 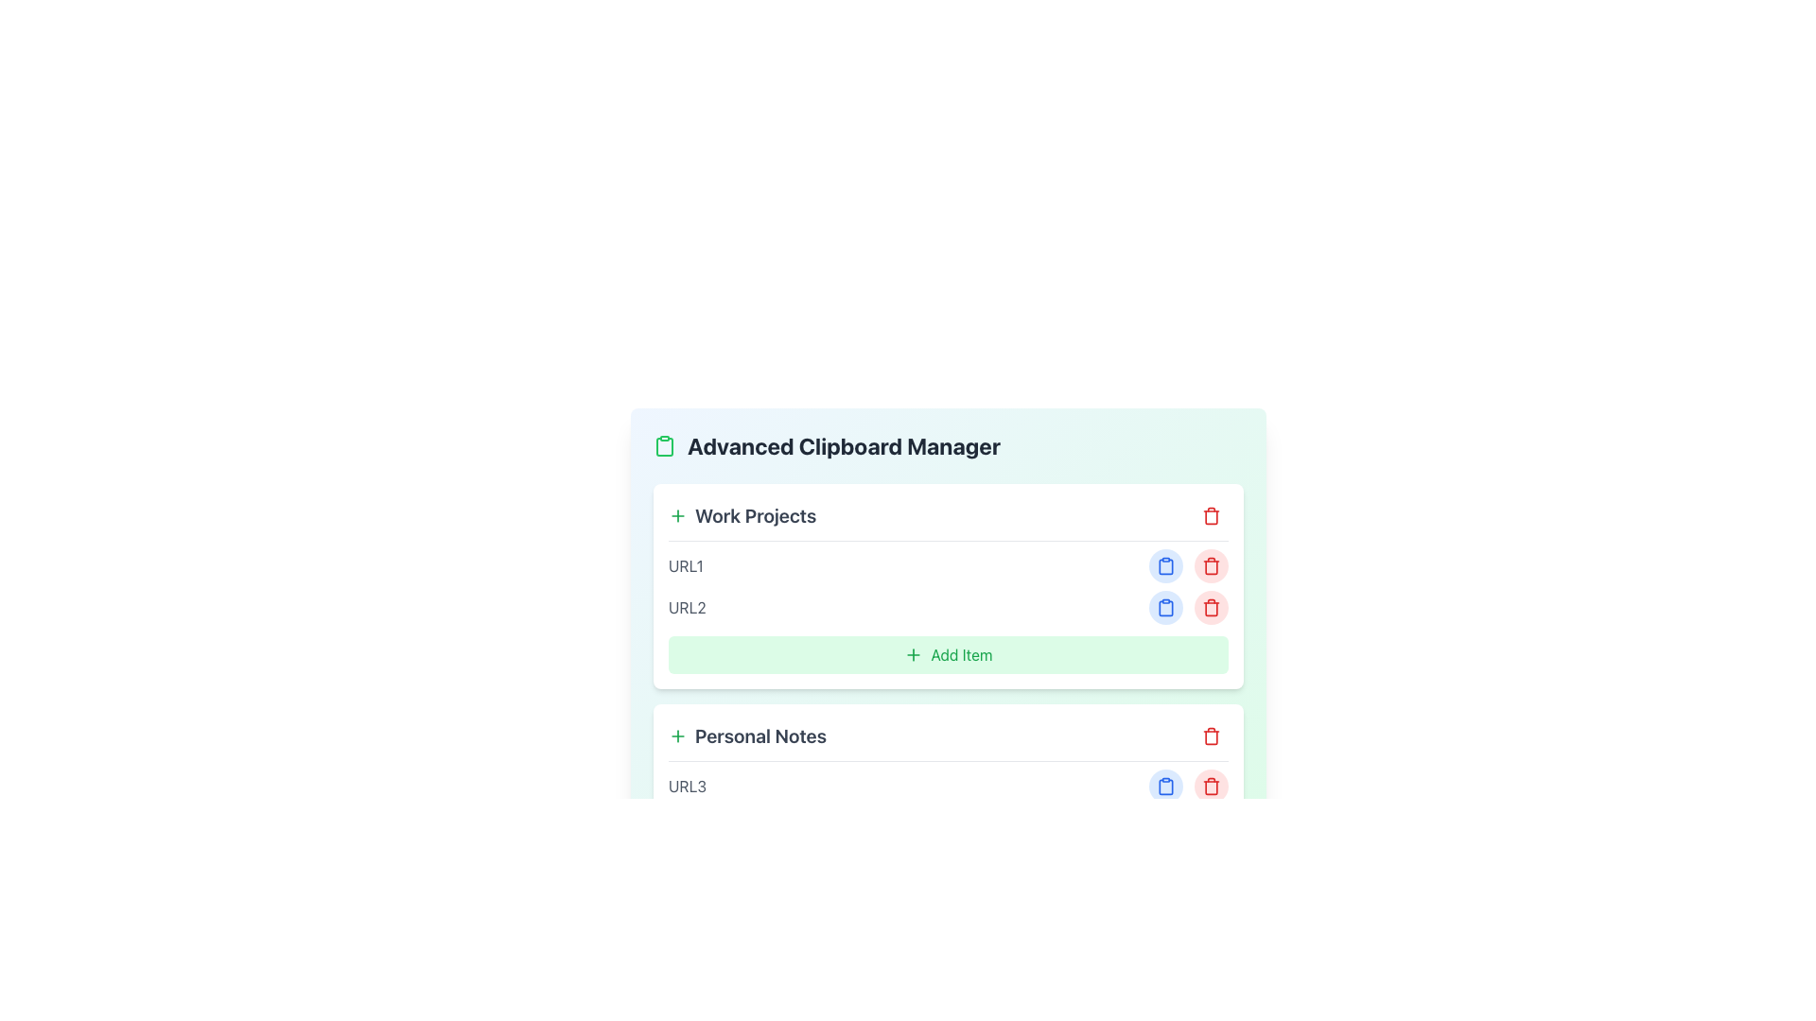 What do you see at coordinates (1212, 564) in the screenshot?
I see `the circular red button with a trash can icon located to the right of the 'URL2' item under the 'Work Projects' section` at bounding box center [1212, 564].